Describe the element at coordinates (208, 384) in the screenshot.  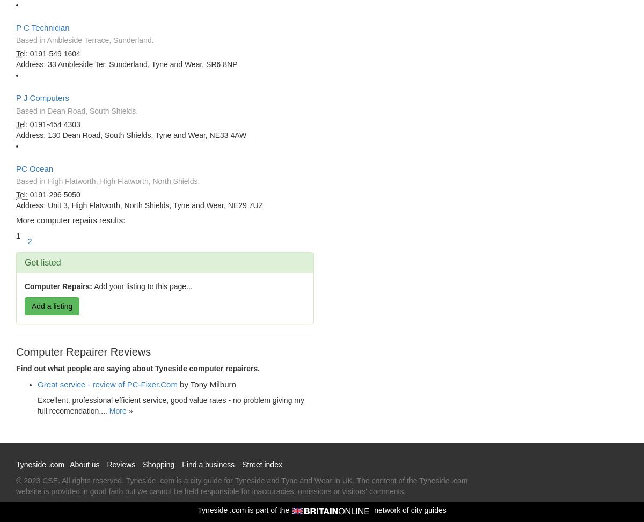
I see `'by Tony Milburn'` at that location.